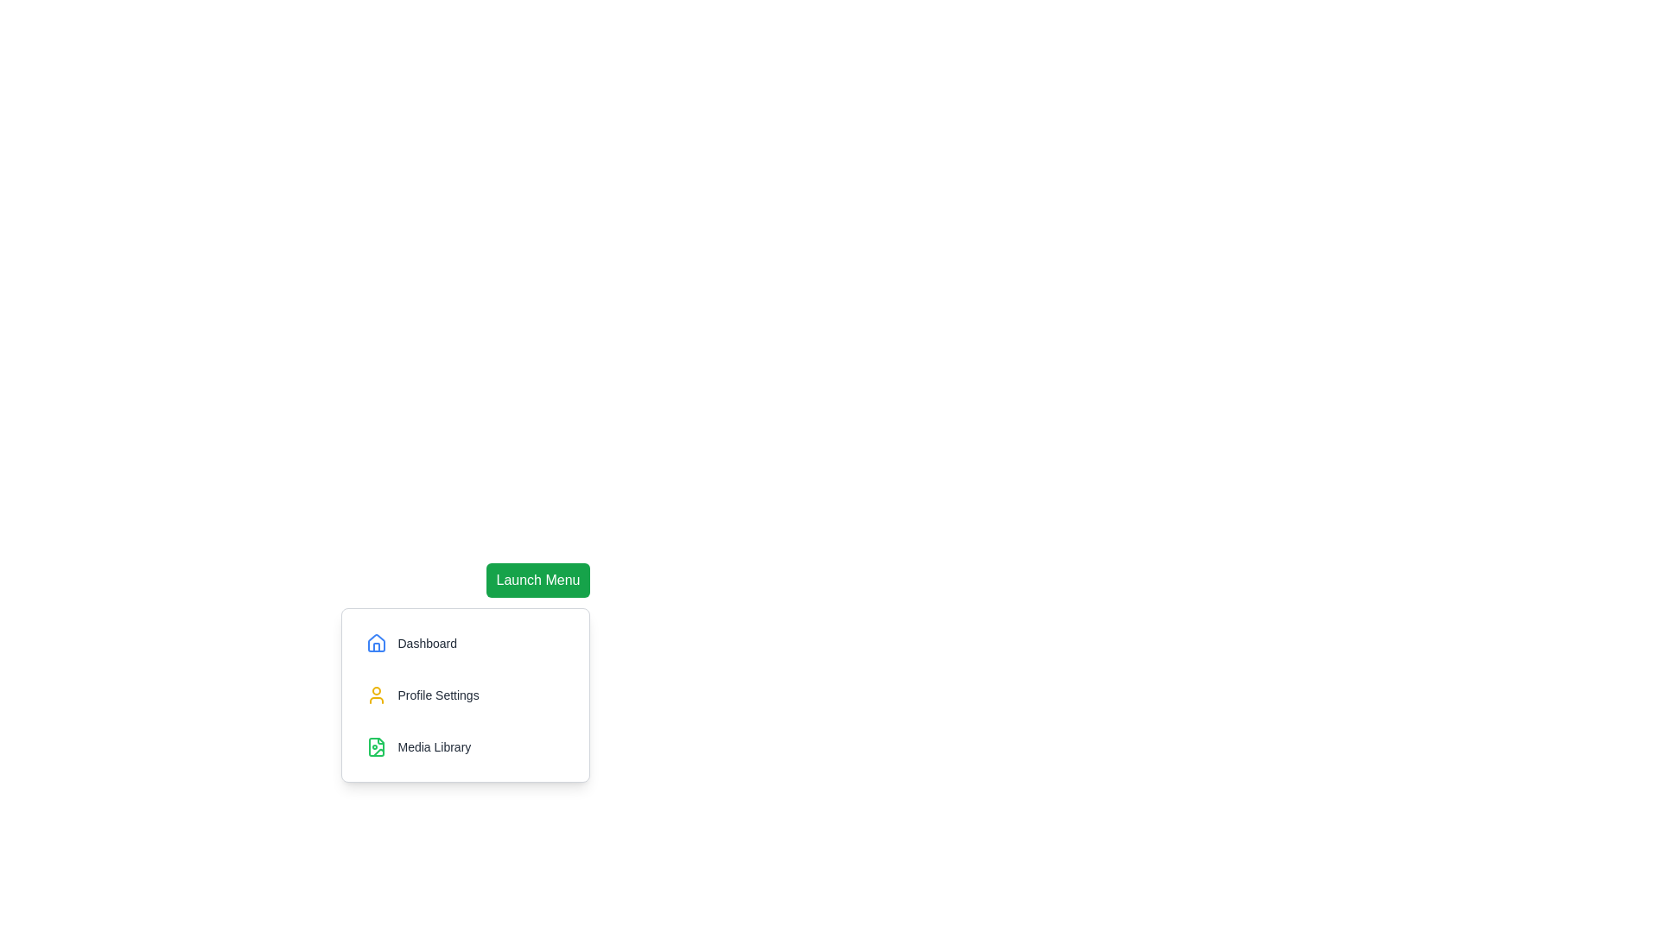 The image size is (1659, 933). I want to click on the second item in the vertical navigation list, so click(466, 695).